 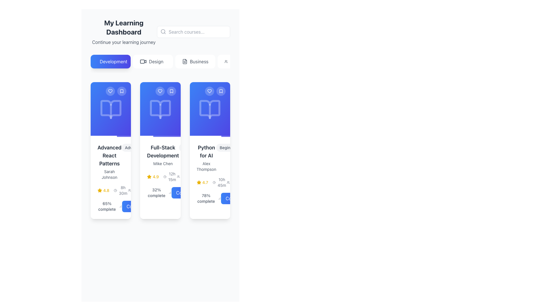 I want to click on the Progress Bar located at the bottom edge of the 'Full-Stack Development' card to visually indicate progress level, so click(x=160, y=136).